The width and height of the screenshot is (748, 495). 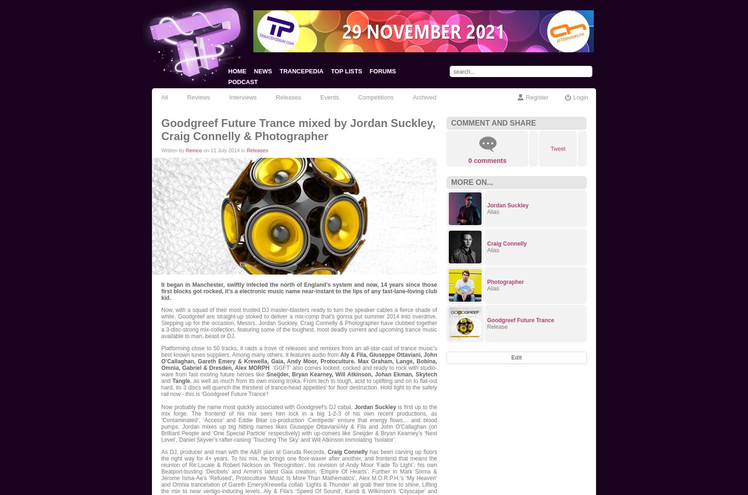 What do you see at coordinates (173, 150) in the screenshot?
I see `'Written by'` at bounding box center [173, 150].